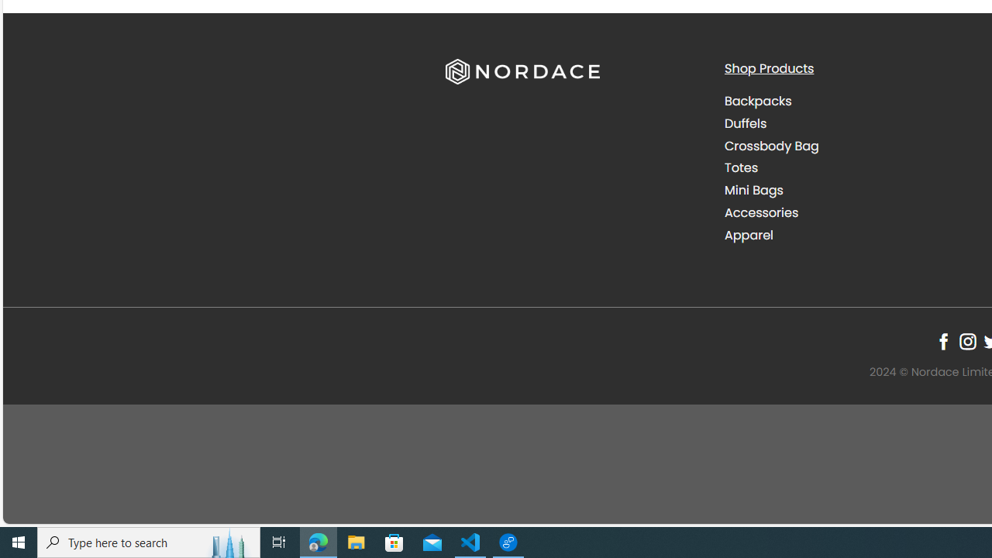 This screenshot has height=558, width=992. What do you see at coordinates (851, 122) in the screenshot?
I see `'Duffels'` at bounding box center [851, 122].